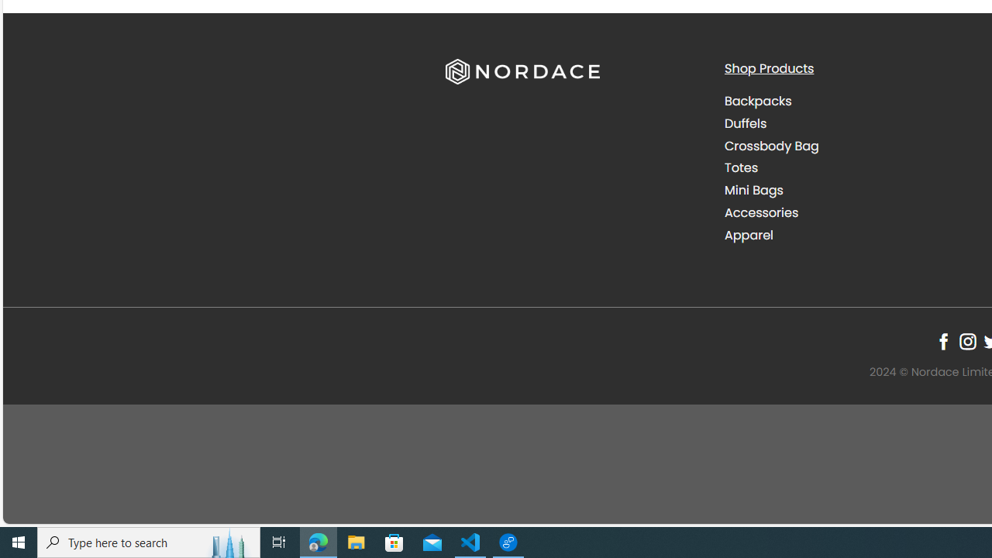 This screenshot has height=558, width=992. What do you see at coordinates (851, 122) in the screenshot?
I see `'Duffels'` at bounding box center [851, 122].